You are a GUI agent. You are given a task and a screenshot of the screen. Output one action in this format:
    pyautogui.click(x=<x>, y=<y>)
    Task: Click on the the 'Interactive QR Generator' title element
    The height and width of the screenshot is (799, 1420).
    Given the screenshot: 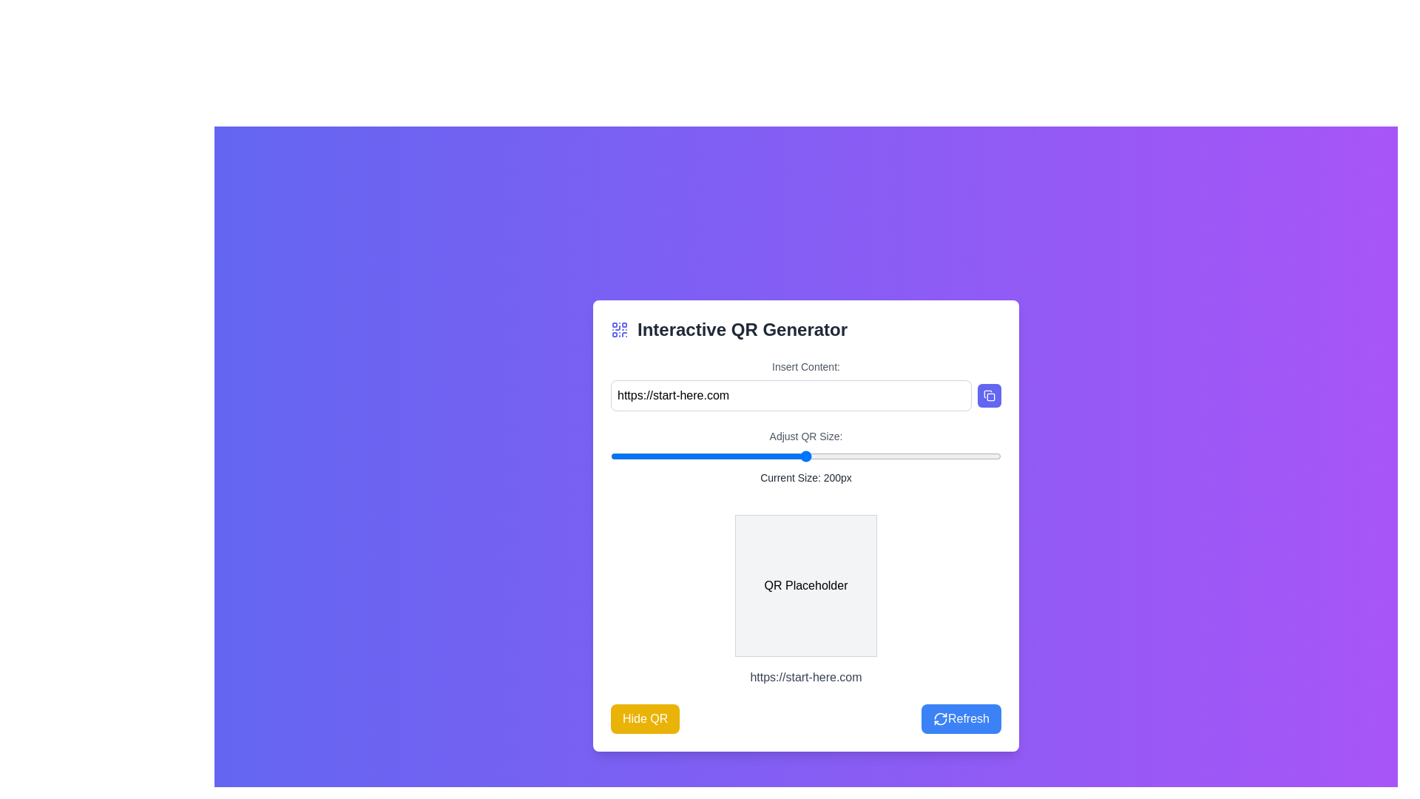 What is the action you would take?
    pyautogui.click(x=805, y=329)
    